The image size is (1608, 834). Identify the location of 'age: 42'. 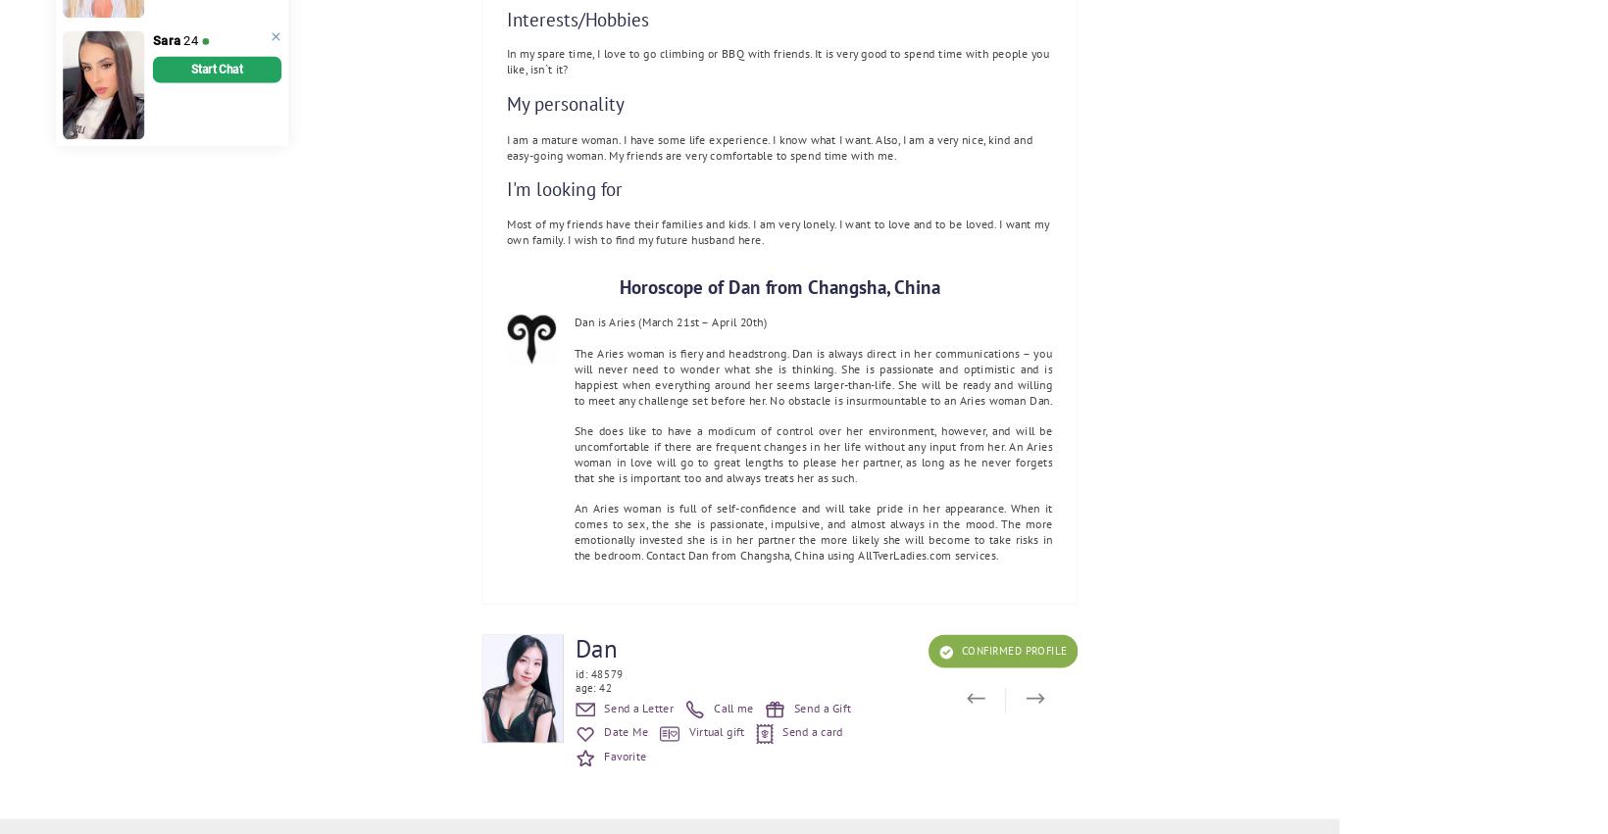
(592, 685).